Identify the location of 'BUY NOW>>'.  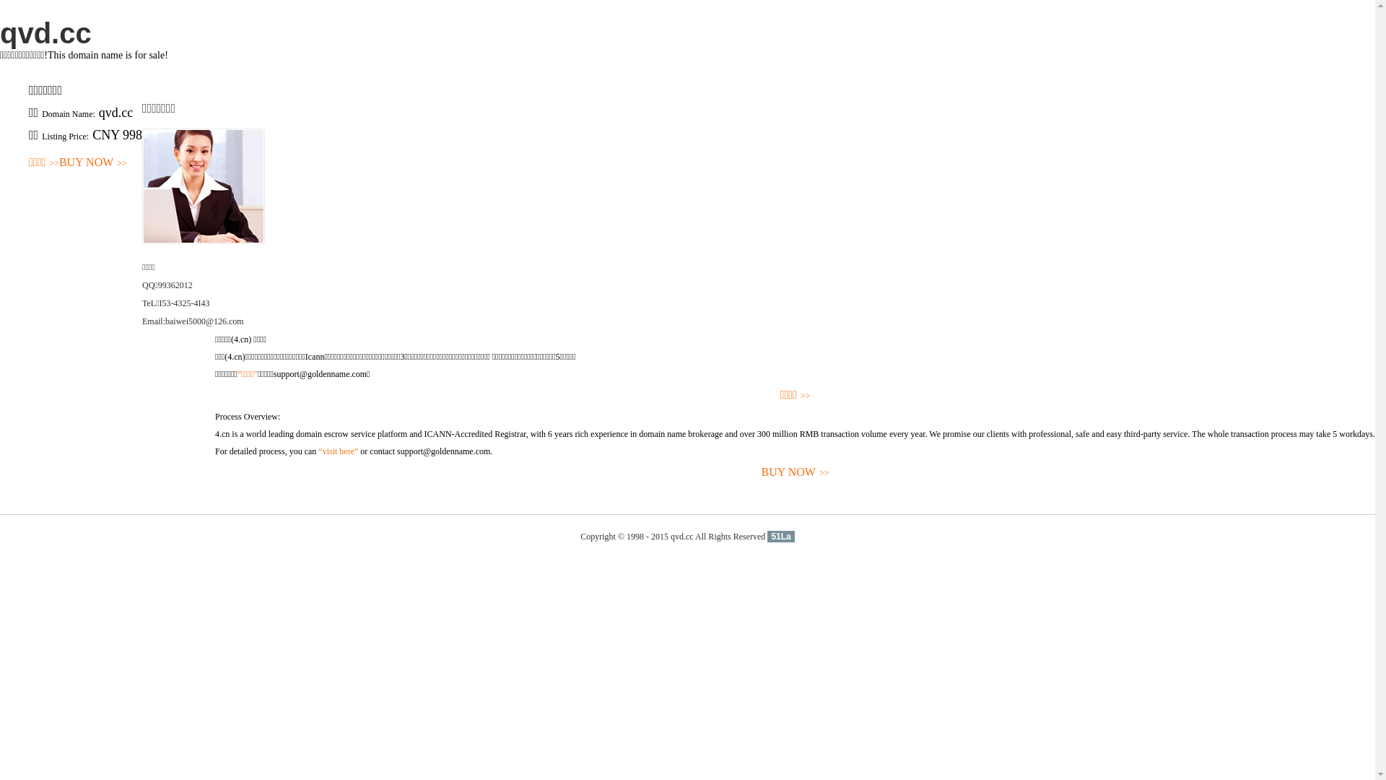
(92, 162).